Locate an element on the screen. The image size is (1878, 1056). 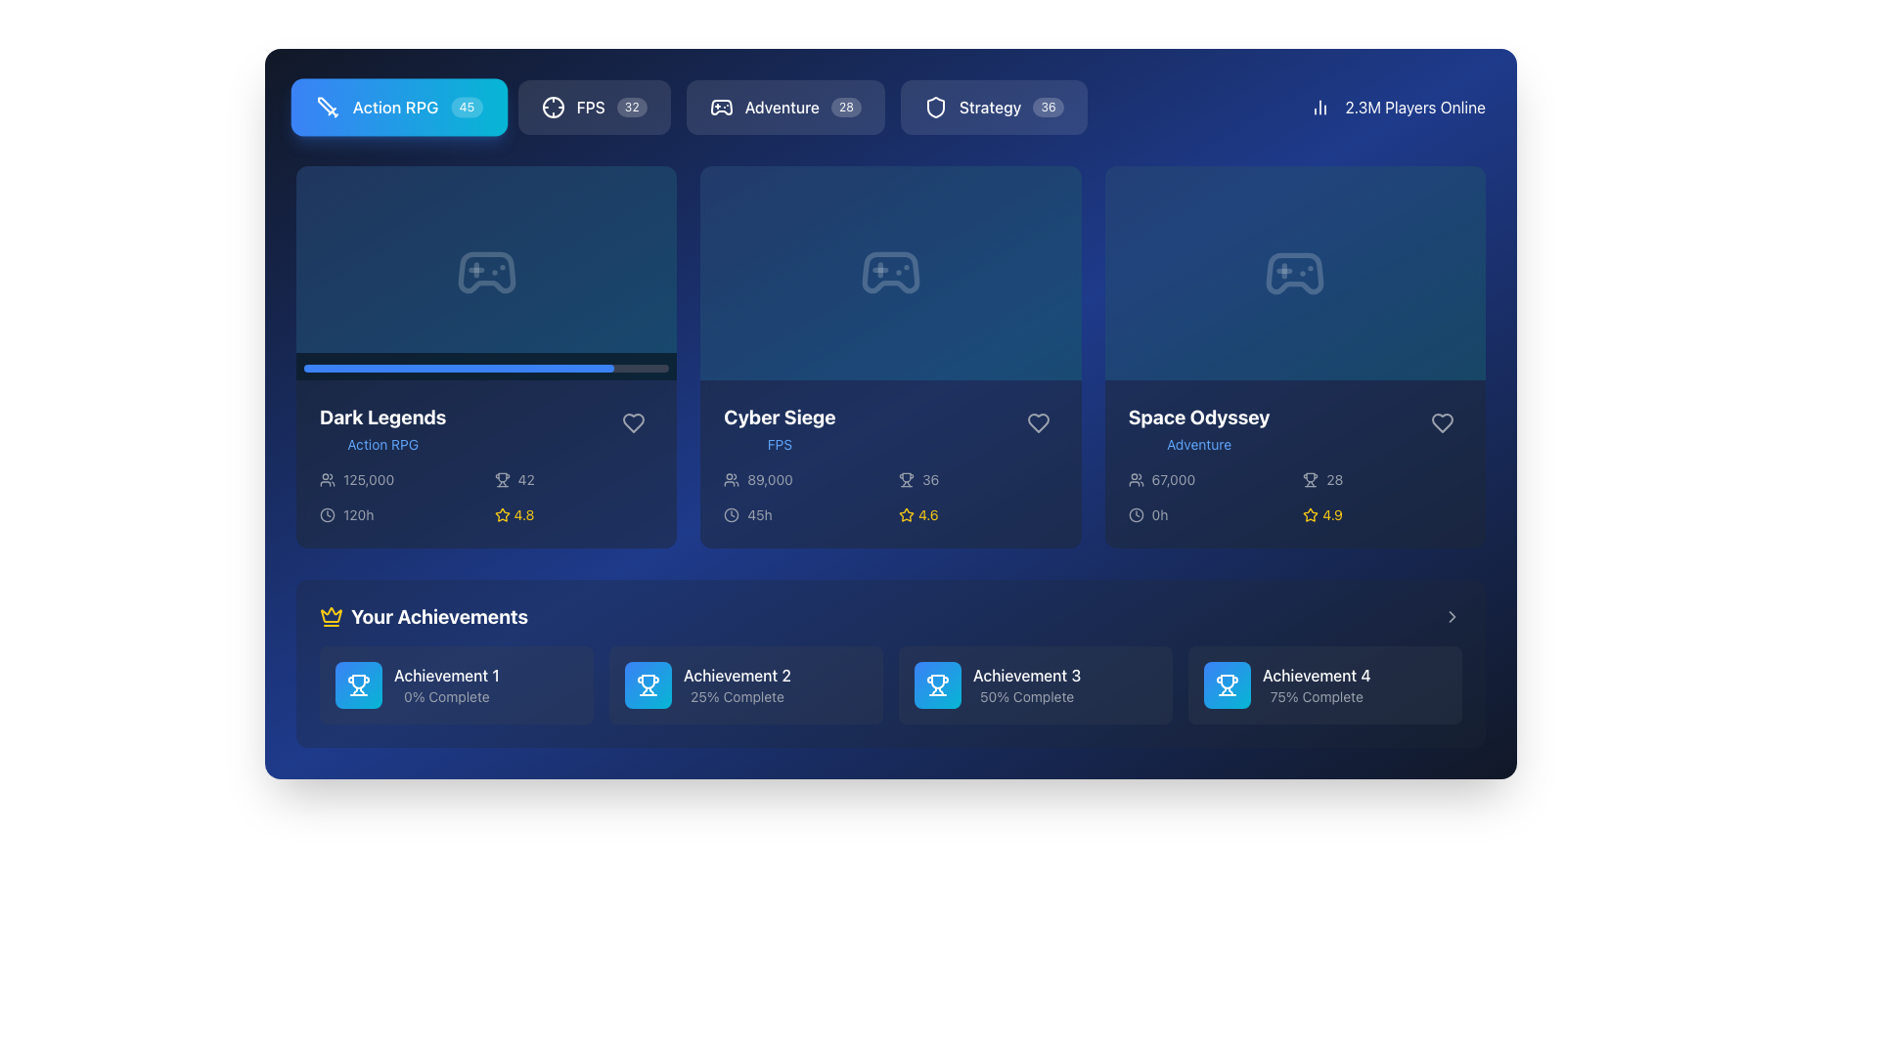
the vibrant square Icon button with rounded corners, featuring a gradient background from blue to cyan and a white trophy icon, located in the 'Your Achievements' section at the bottom of the main interface is located at coordinates (358, 684).